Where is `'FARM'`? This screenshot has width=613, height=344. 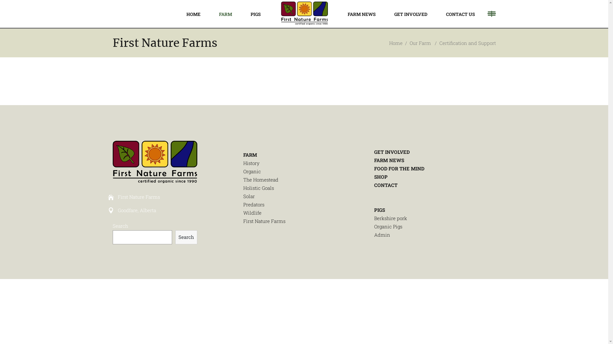 'FARM' is located at coordinates (243, 155).